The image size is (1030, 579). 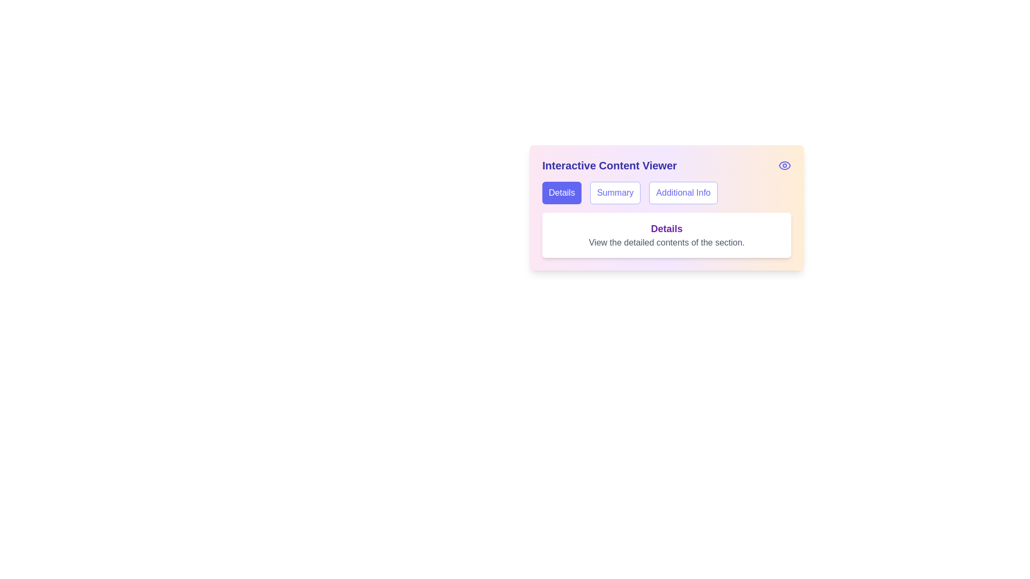 What do you see at coordinates (615, 192) in the screenshot?
I see `the 'Summary' button, which is the second button in a group located in the upper section of the 'Interactive Content Viewer'` at bounding box center [615, 192].